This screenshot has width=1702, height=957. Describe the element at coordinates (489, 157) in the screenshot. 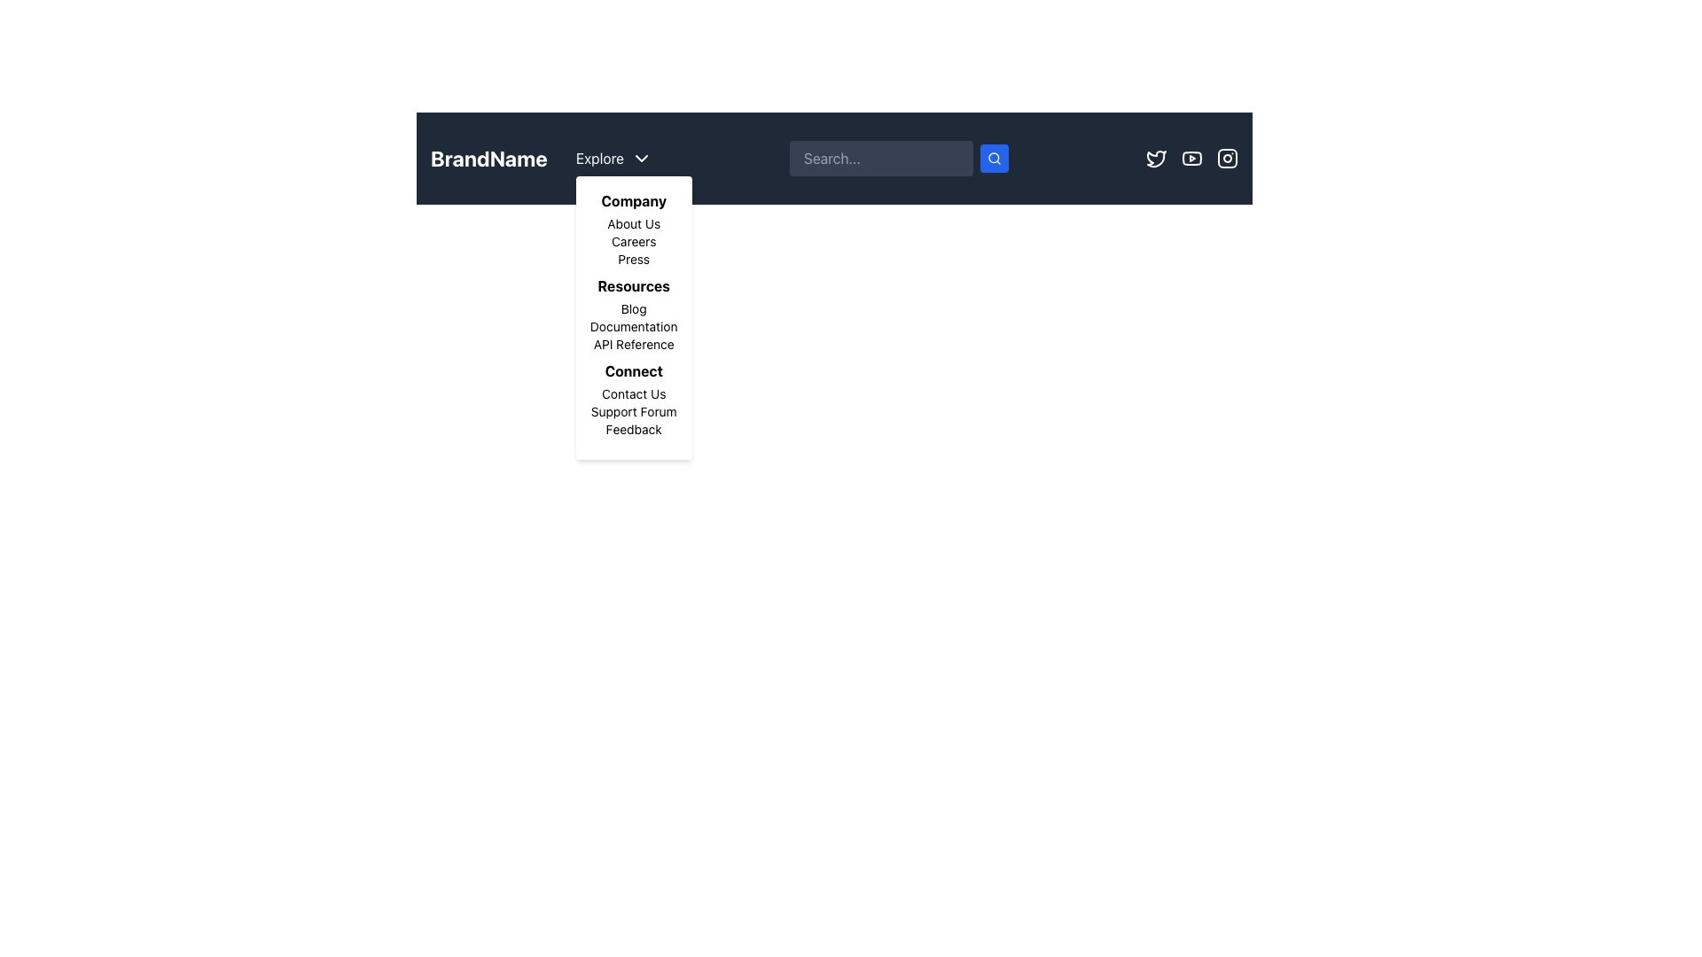

I see `text content of the branding or logo Text Label located in the top-left corner of the header bar, preceding the 'Explore' link` at that location.